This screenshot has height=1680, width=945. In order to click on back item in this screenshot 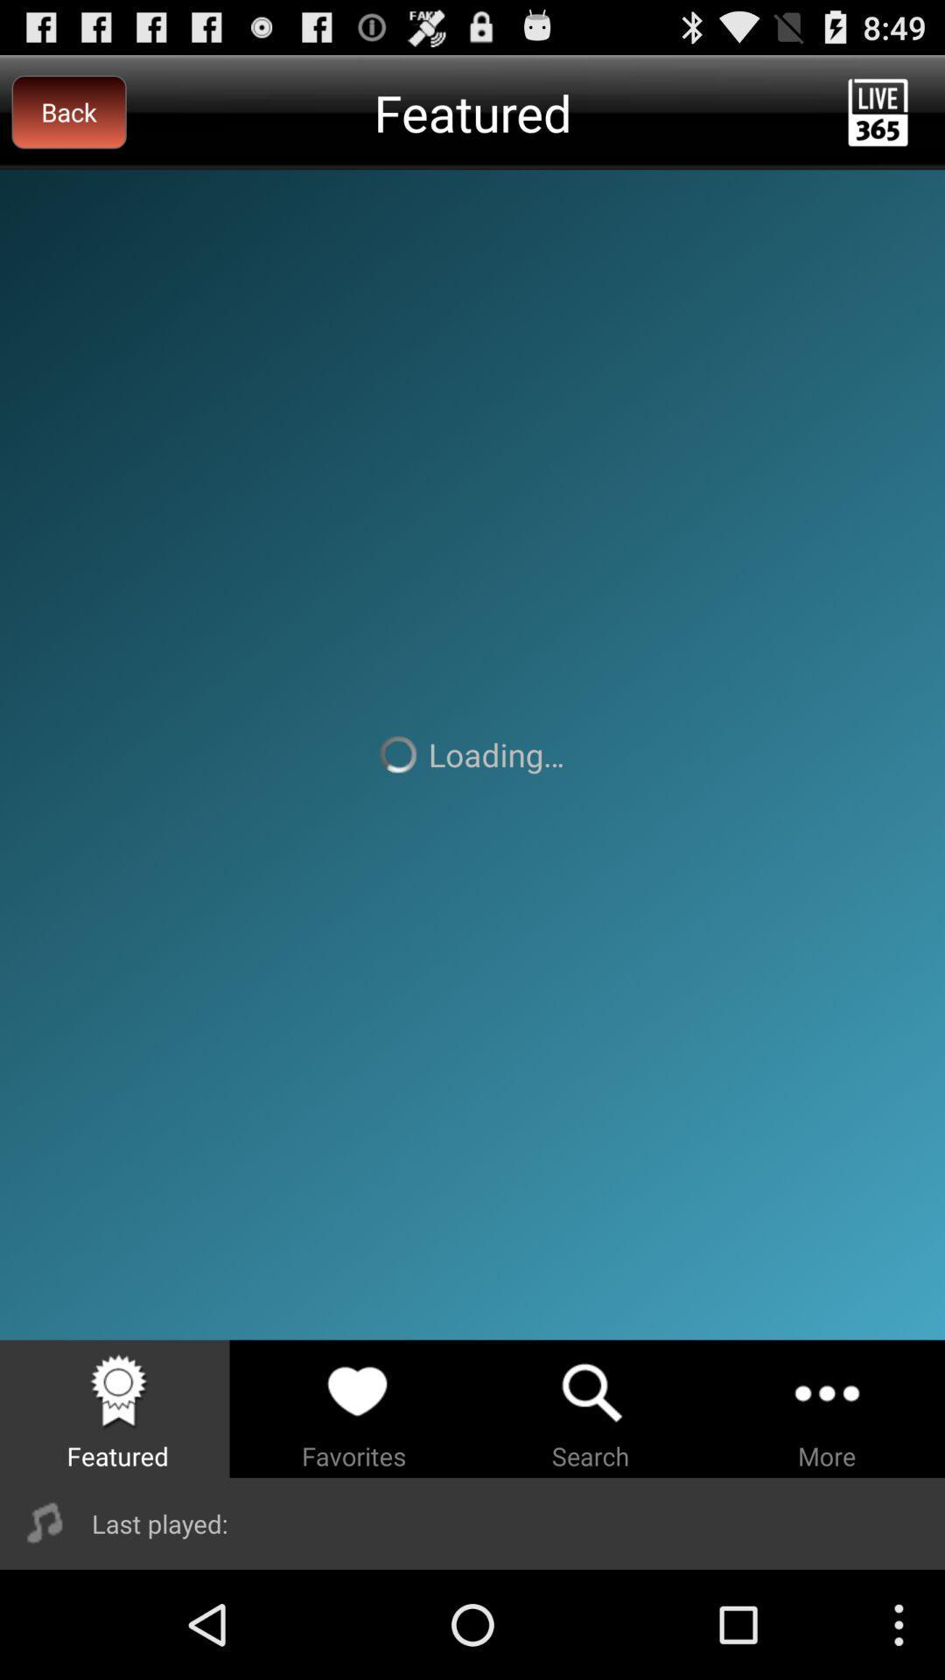, I will do `click(68, 111)`.